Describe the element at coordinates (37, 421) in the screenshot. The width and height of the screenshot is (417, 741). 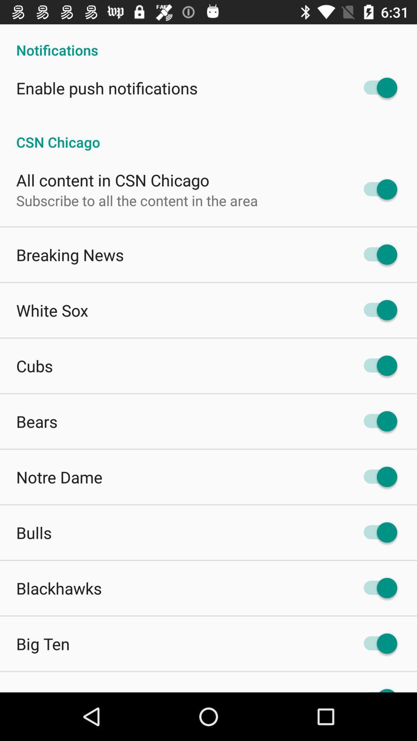
I see `app above notre dame` at that location.